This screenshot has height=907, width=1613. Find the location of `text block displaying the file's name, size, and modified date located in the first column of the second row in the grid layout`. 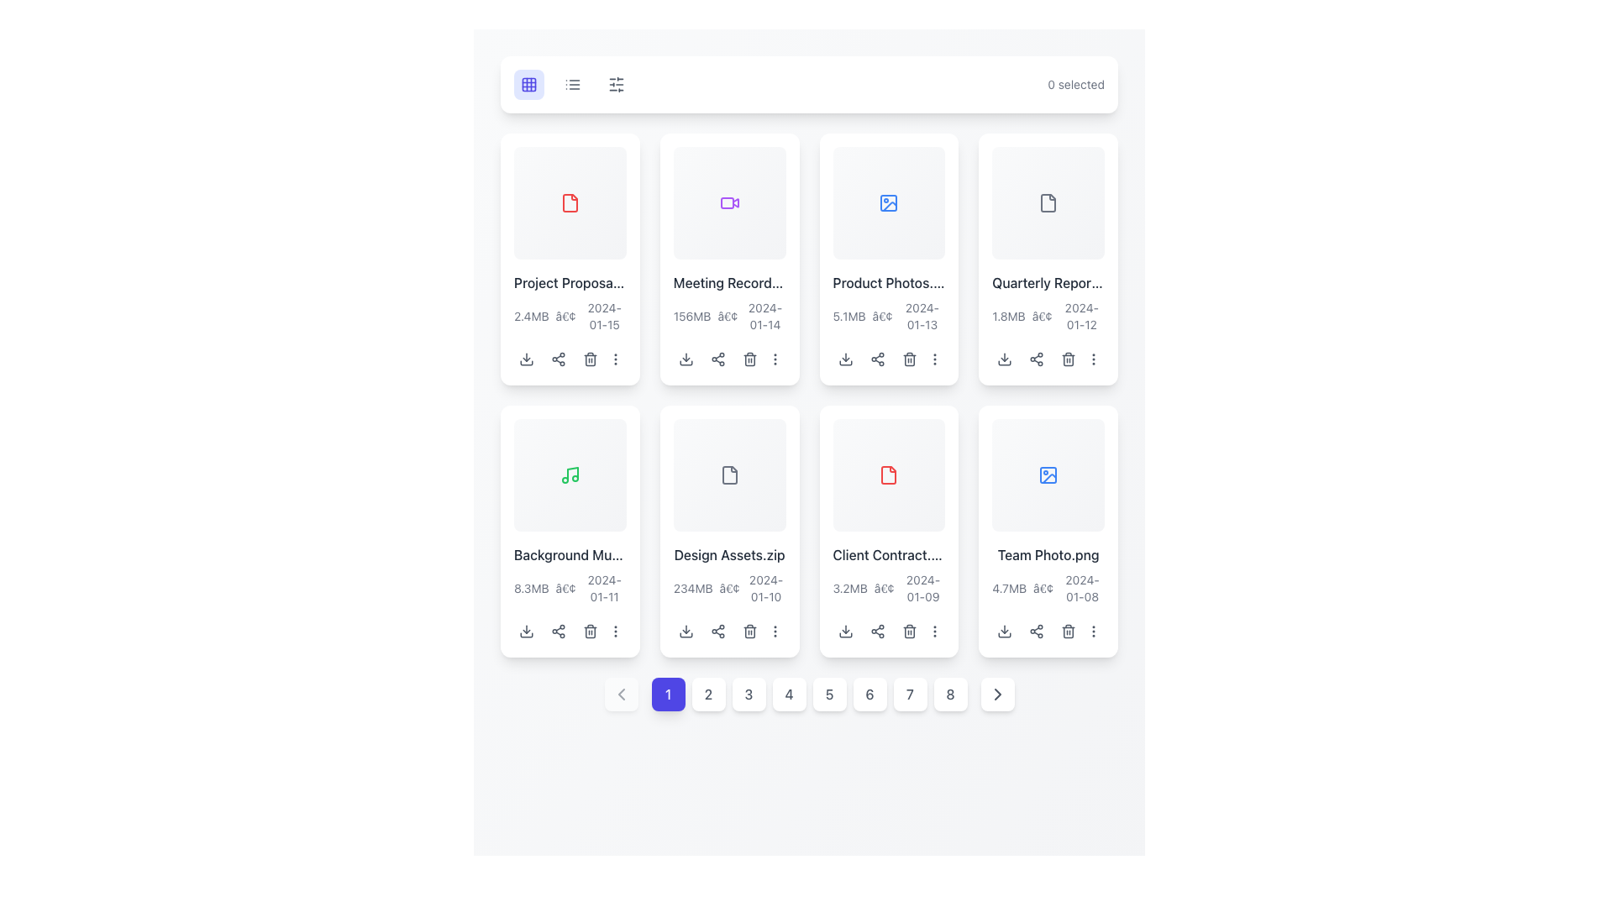

text block displaying the file's name, size, and modified date located in the first column of the second row in the grid layout is located at coordinates (570, 302).